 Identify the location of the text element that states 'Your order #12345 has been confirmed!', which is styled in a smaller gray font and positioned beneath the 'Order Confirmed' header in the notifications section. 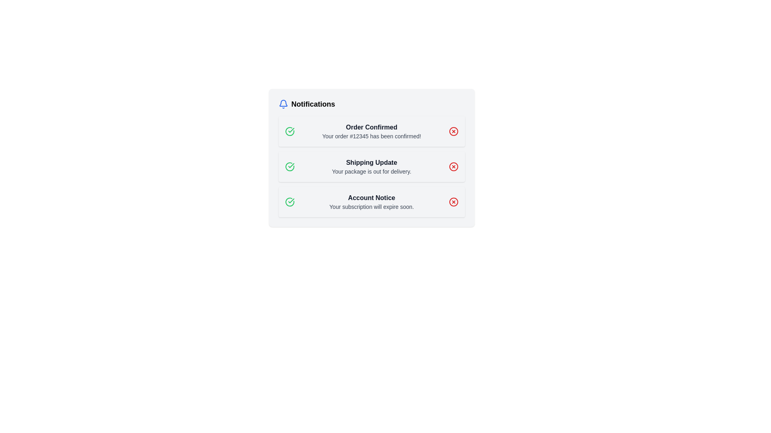
(371, 136).